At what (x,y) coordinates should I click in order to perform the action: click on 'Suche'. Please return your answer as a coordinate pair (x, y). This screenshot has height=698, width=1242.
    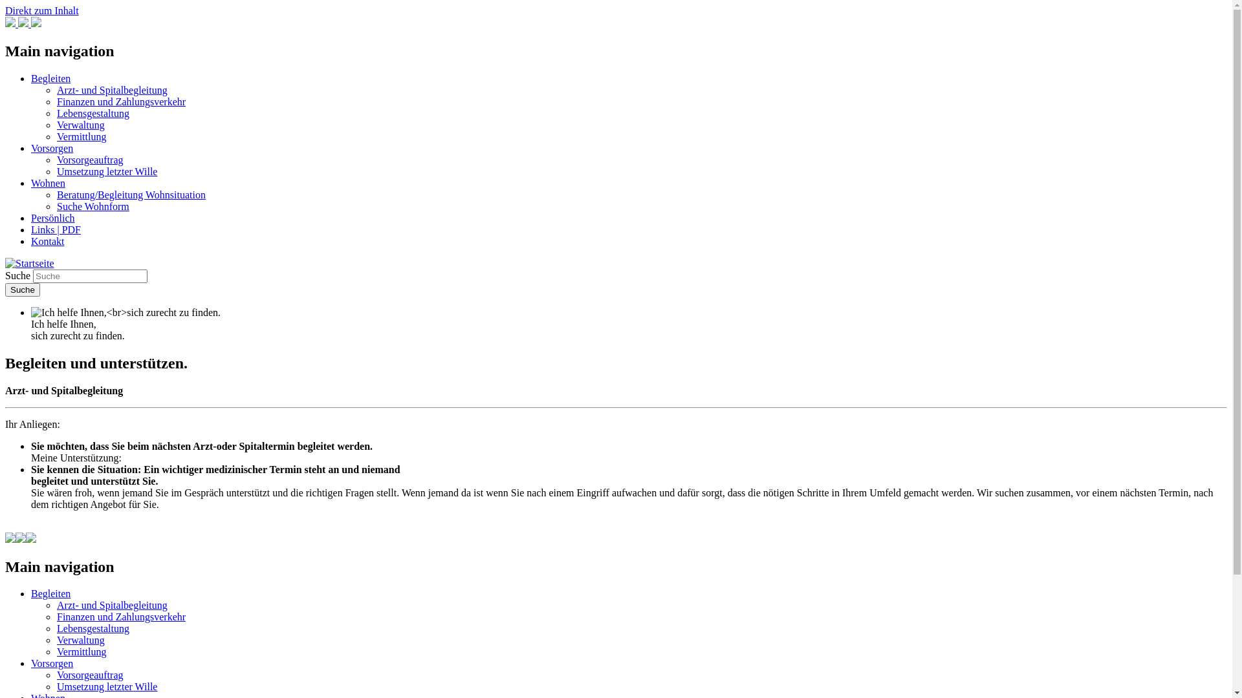
    Looking at the image, I should click on (22, 289).